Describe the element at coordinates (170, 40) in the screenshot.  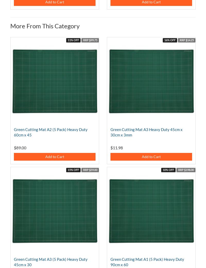
I see `'16% OFF'` at that location.